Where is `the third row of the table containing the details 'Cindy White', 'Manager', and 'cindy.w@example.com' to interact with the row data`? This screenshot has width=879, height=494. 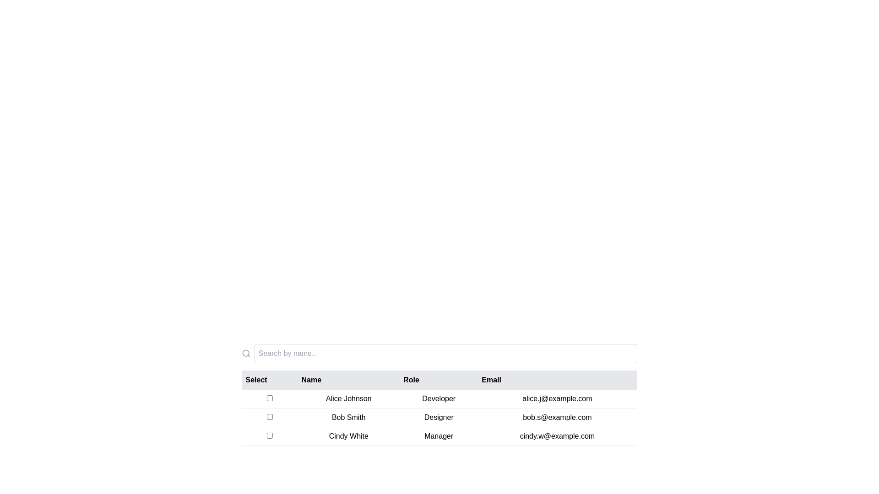
the third row of the table containing the details 'Cindy White', 'Manager', and 'cindy.w@example.com' to interact with the row data is located at coordinates (439, 435).